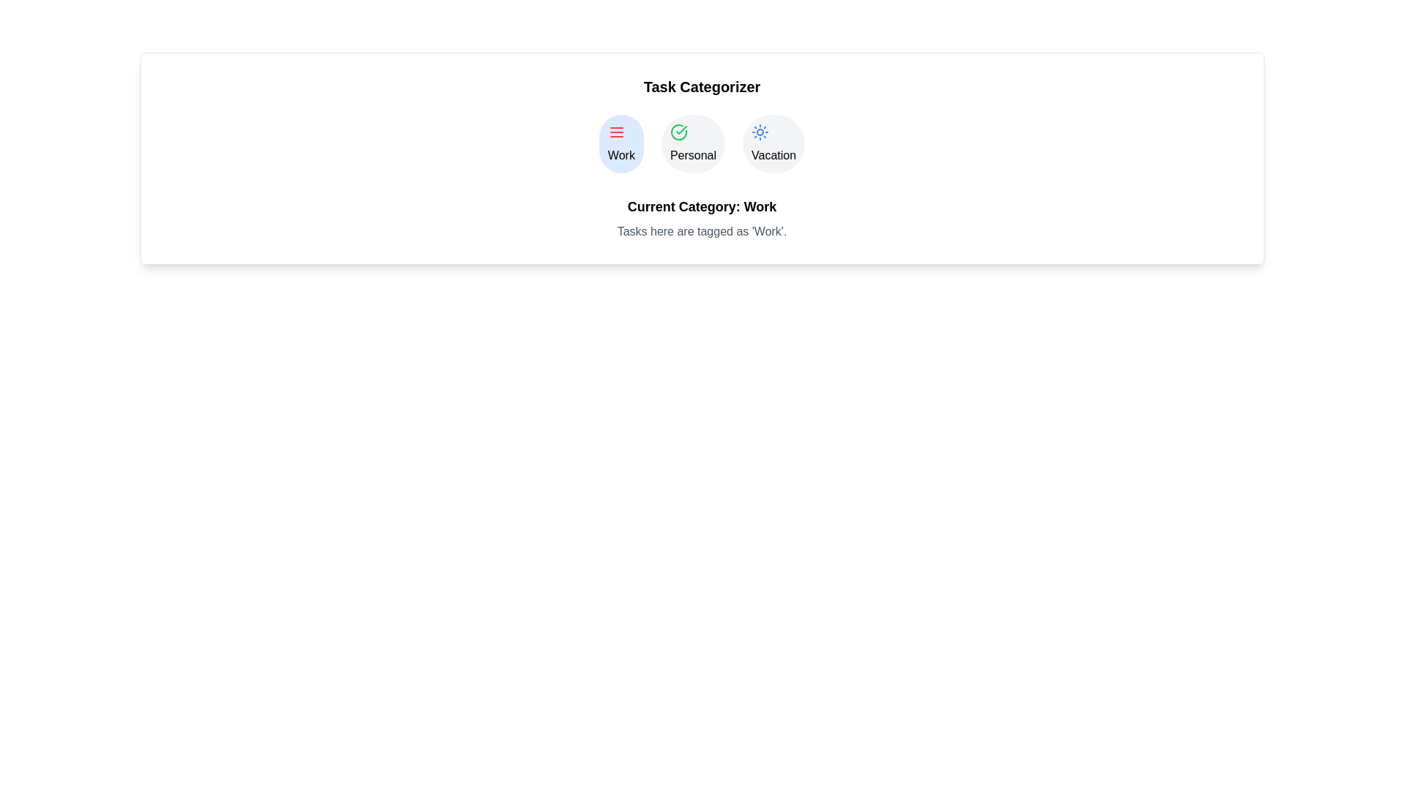 Image resolution: width=1405 pixels, height=790 pixels. Describe the element at coordinates (678, 132) in the screenshot. I see `the green checkmark icon enclosed in a circle, which is the outer circular stroke of the second icon labeled 'Personal' in the category buttons` at that location.